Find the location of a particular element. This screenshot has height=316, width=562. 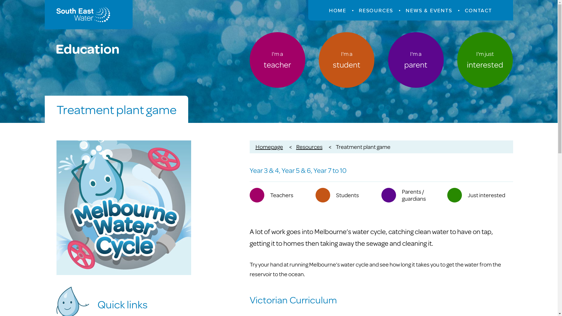

'Homepage' is located at coordinates (268, 146).